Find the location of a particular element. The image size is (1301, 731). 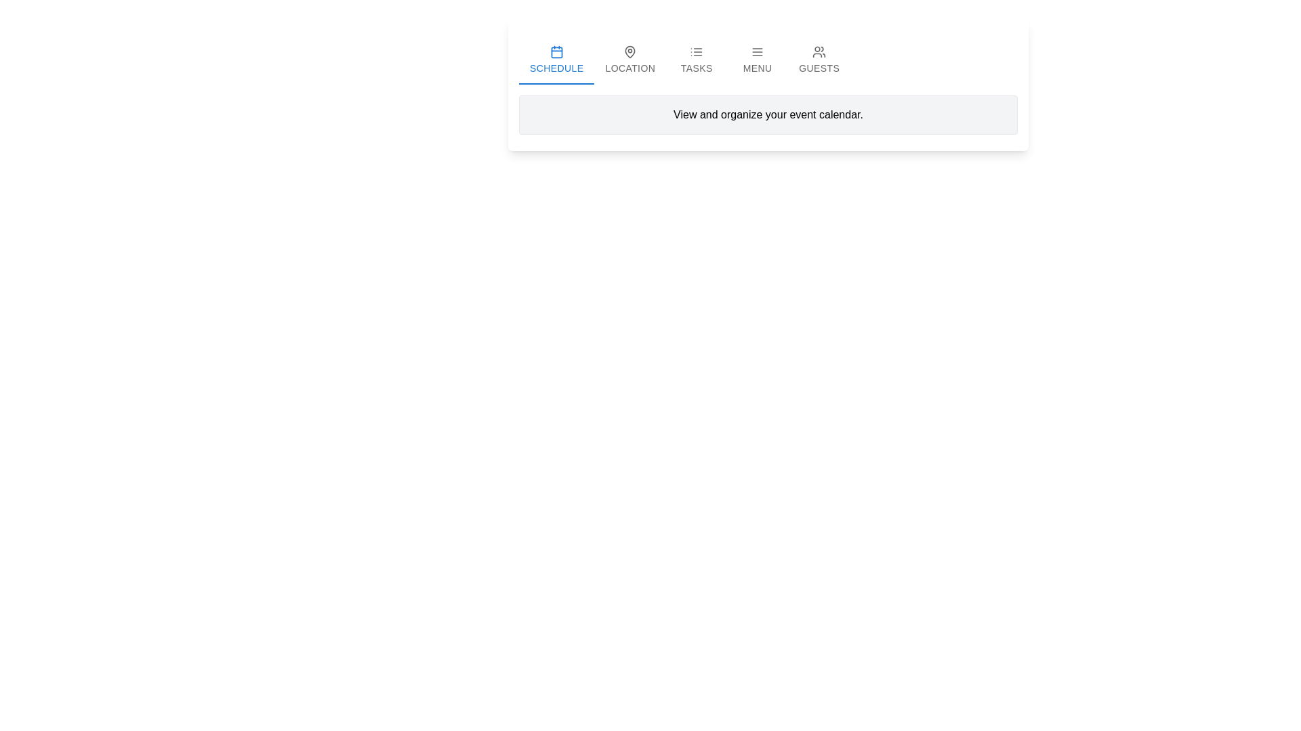

the icon representing 'users' or 'guests' located on the navigation bar above the text 'Guests' is located at coordinates (819, 51).